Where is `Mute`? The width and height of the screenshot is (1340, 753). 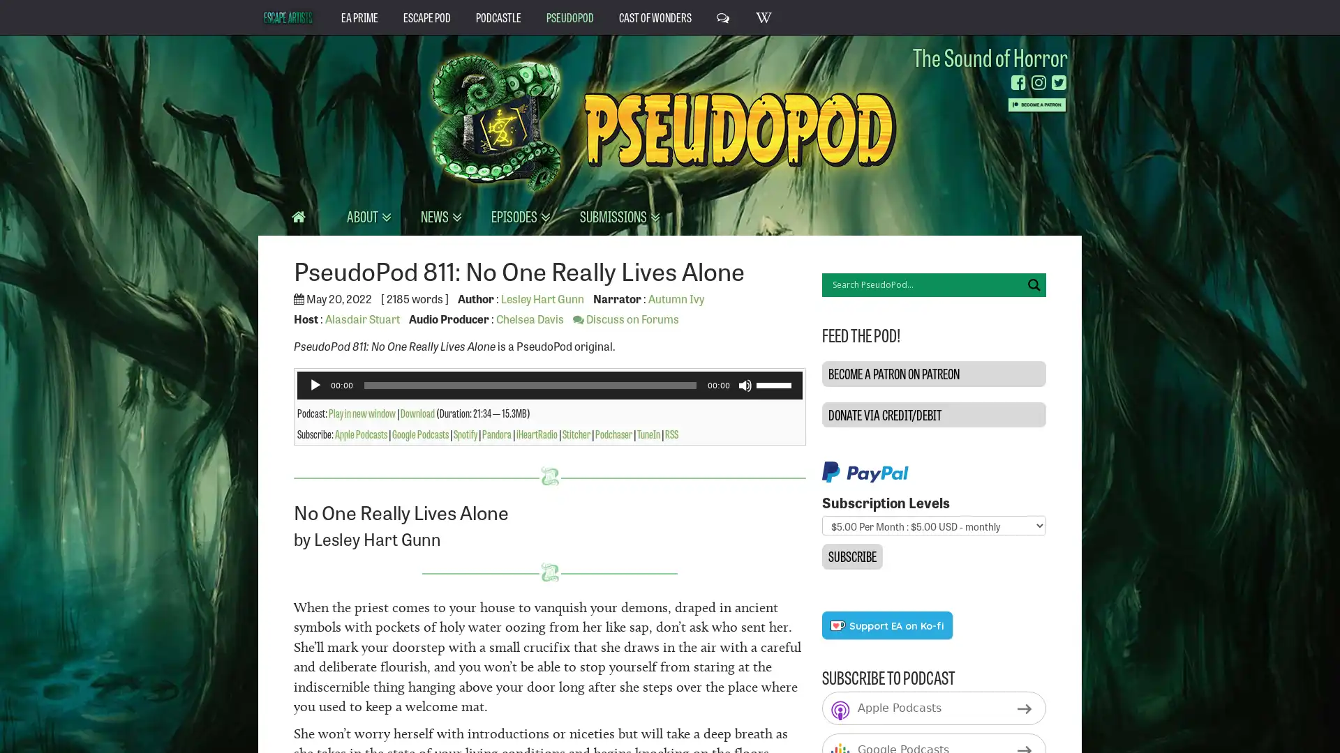 Mute is located at coordinates (743, 384).